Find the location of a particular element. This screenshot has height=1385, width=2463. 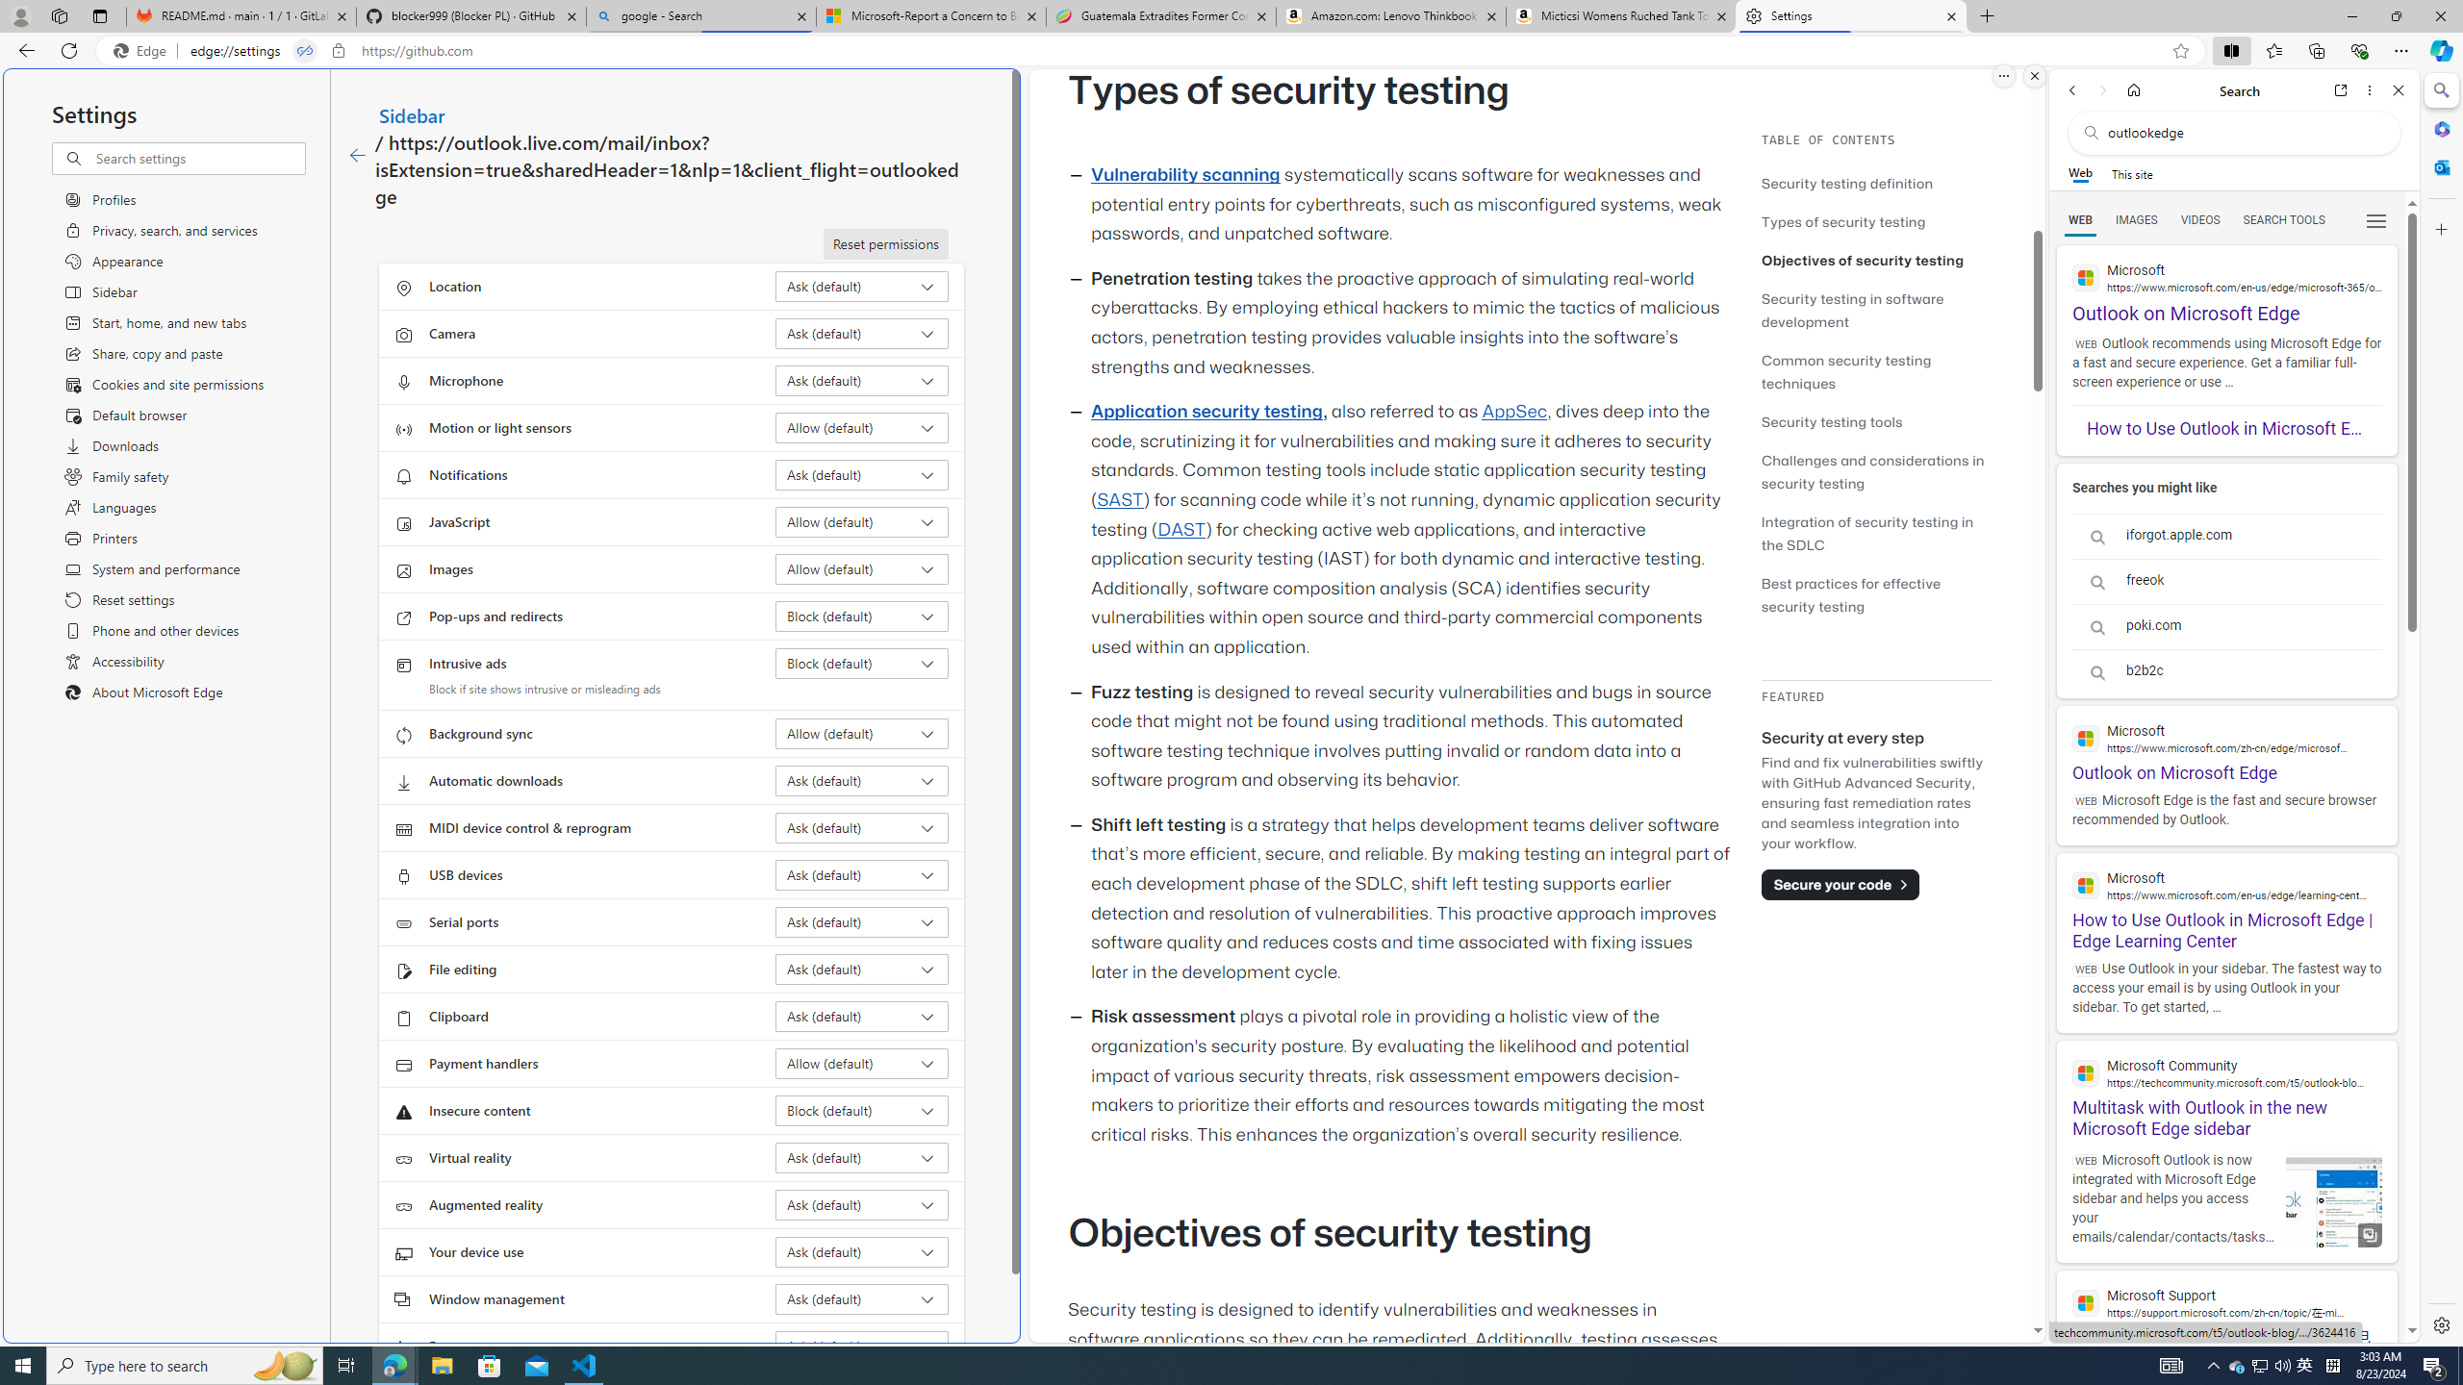

'Window management Ask (default)' is located at coordinates (862, 1297).